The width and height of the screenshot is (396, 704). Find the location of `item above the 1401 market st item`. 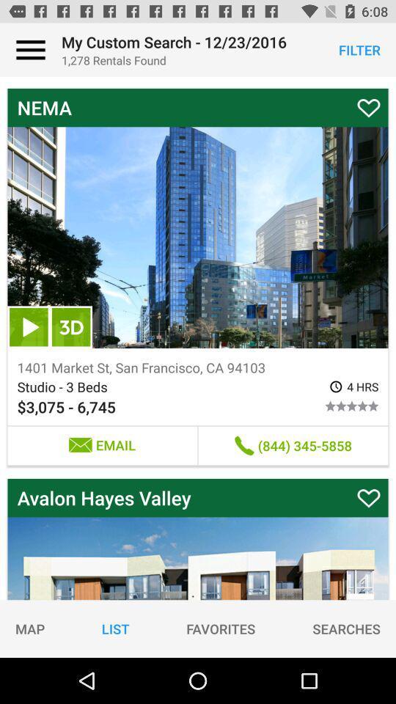

item above the 1401 market st item is located at coordinates (29, 327).